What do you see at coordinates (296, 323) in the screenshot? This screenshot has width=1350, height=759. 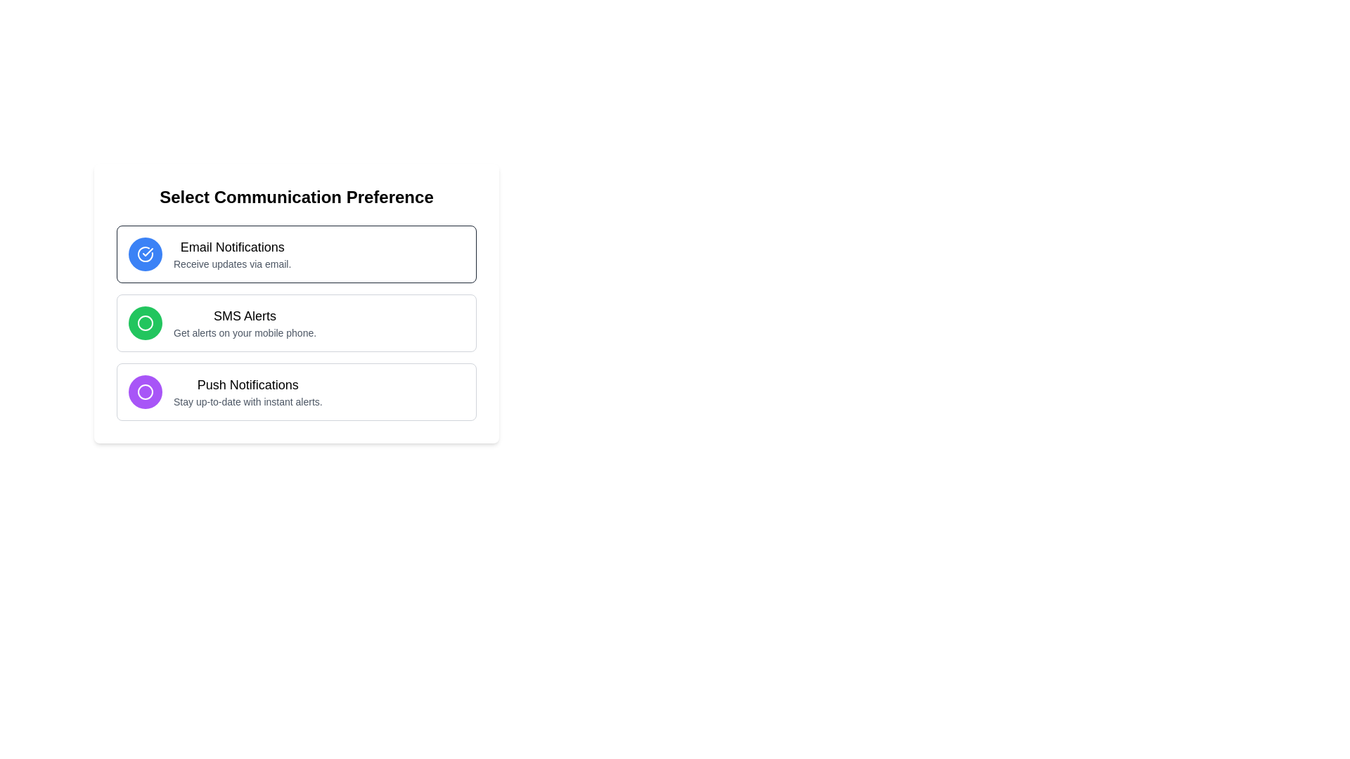 I see `the second selectable option in the list, titled 'SMS Alerts', which is part of the communication preferences cards` at bounding box center [296, 323].